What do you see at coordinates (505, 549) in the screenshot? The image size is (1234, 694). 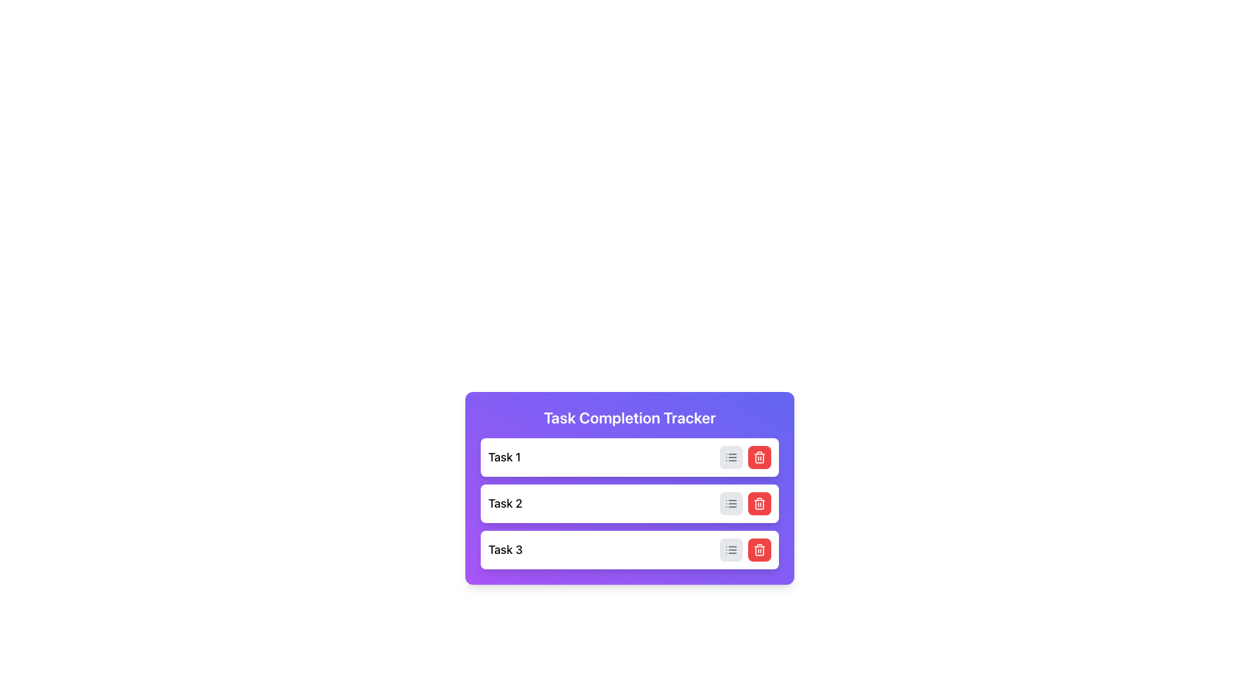 I see `the text label that identifies the third entry in a vertical list of cards, situated to the left of interactive buttons` at bounding box center [505, 549].